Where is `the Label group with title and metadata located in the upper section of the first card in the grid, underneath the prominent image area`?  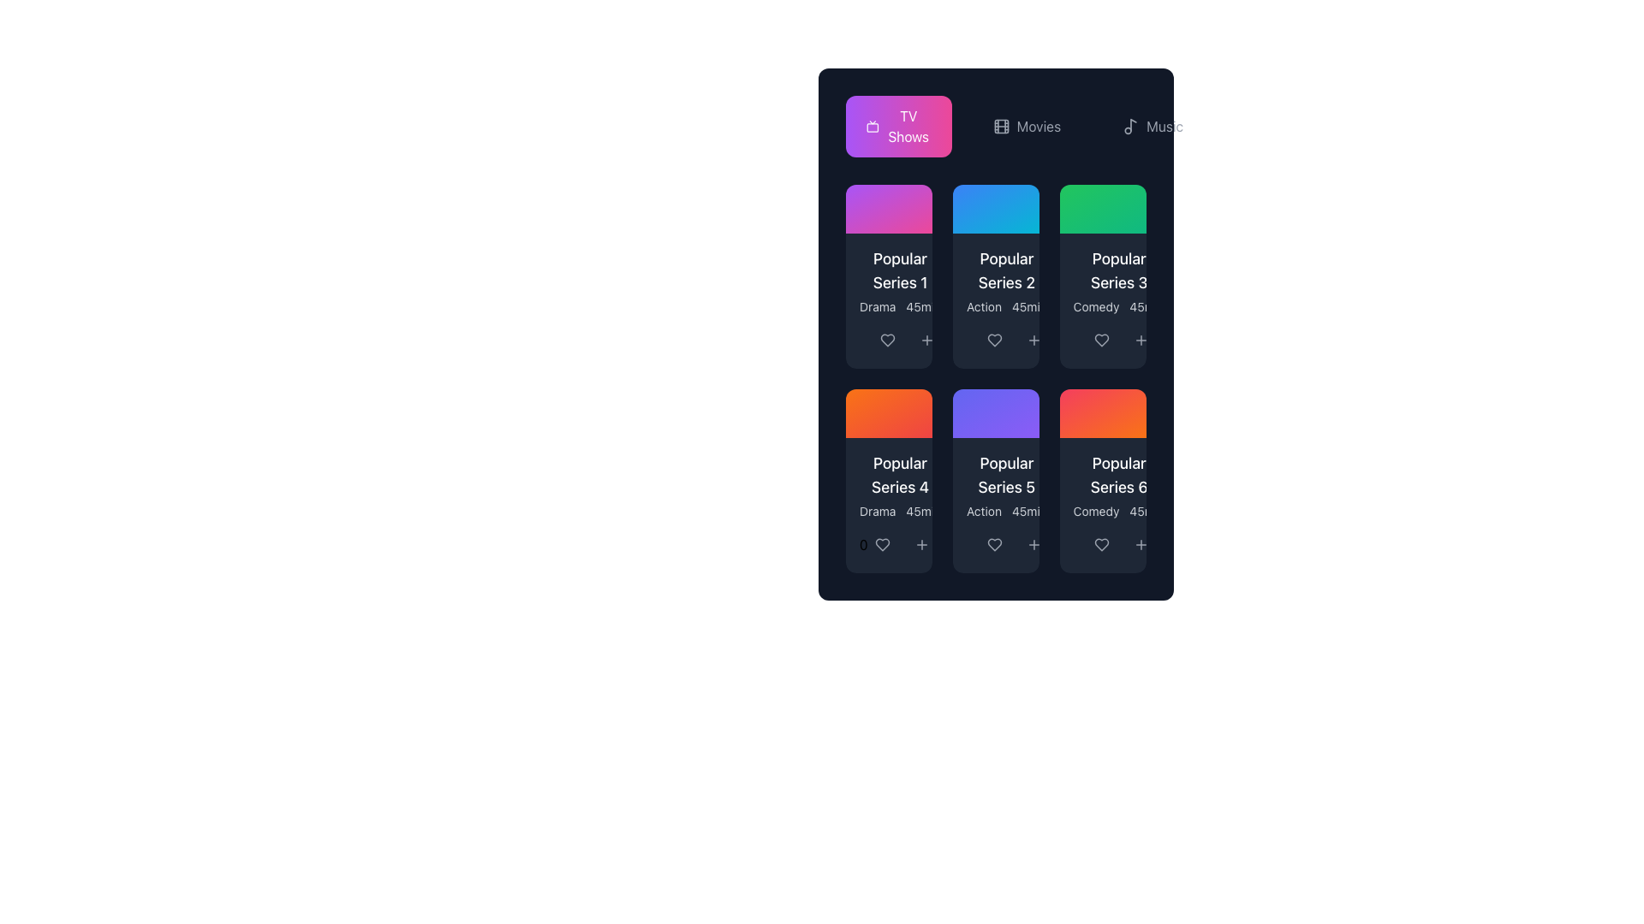
the Label group with title and metadata located in the upper section of the first card in the grid, underneath the prominent image area is located at coordinates (899, 280).